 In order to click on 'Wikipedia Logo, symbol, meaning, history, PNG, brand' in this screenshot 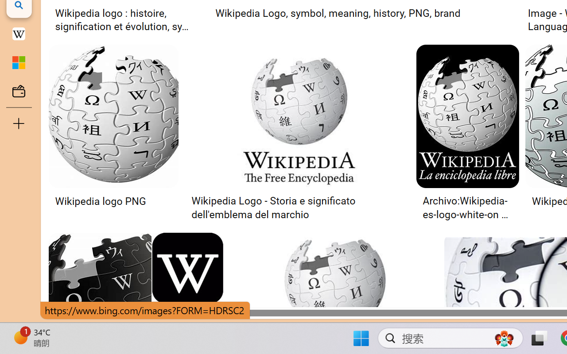, I will do `click(337, 13)`.